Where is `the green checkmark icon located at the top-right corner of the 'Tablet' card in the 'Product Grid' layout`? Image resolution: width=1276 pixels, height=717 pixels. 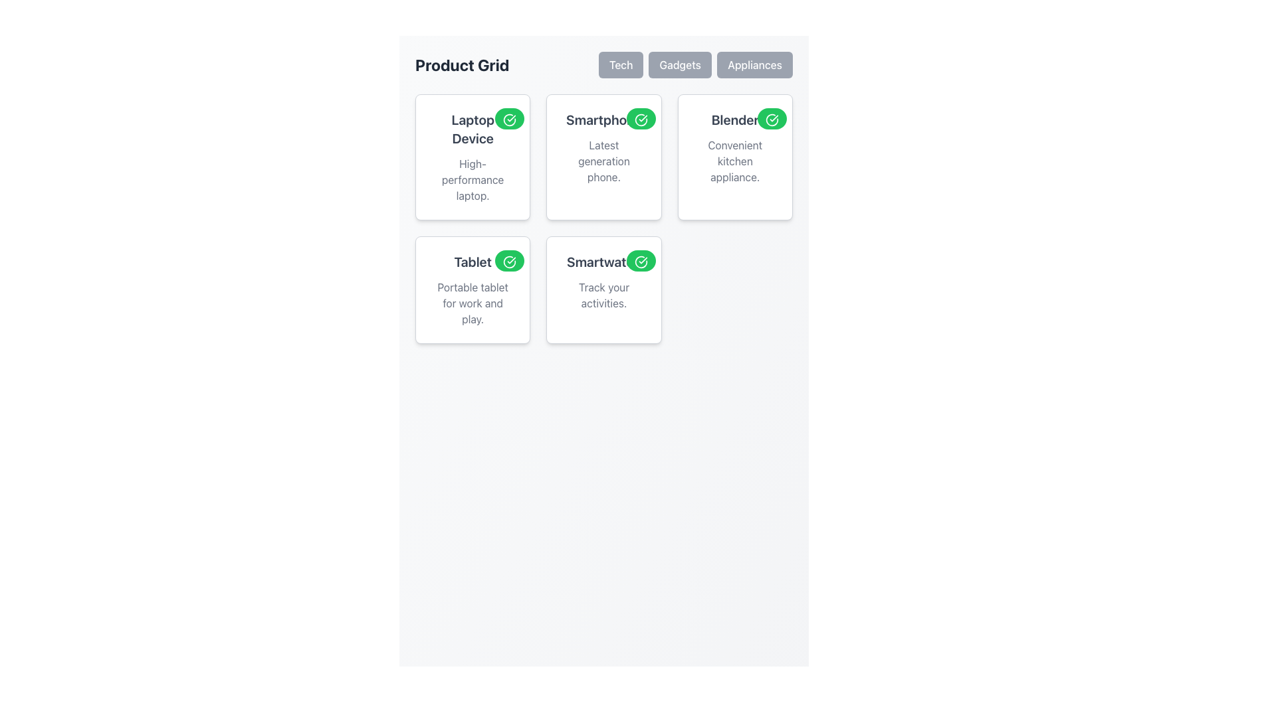
the green checkmark icon located at the top-right corner of the 'Tablet' card in the 'Product Grid' layout is located at coordinates (509, 262).